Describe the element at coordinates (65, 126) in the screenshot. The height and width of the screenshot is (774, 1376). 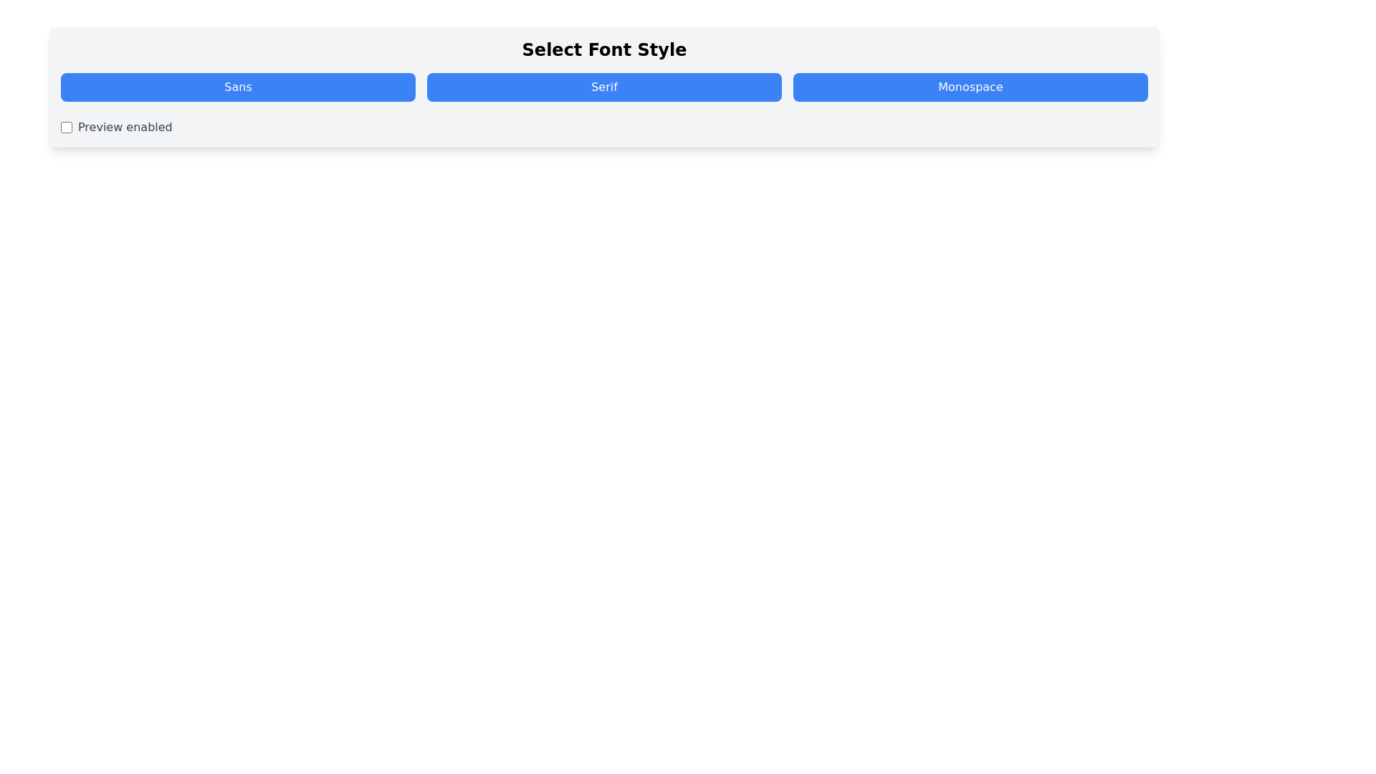
I see `the 'Preview enabled' checkbox to observe any visual changes that occur when the mouse pointer is placed over it` at that location.